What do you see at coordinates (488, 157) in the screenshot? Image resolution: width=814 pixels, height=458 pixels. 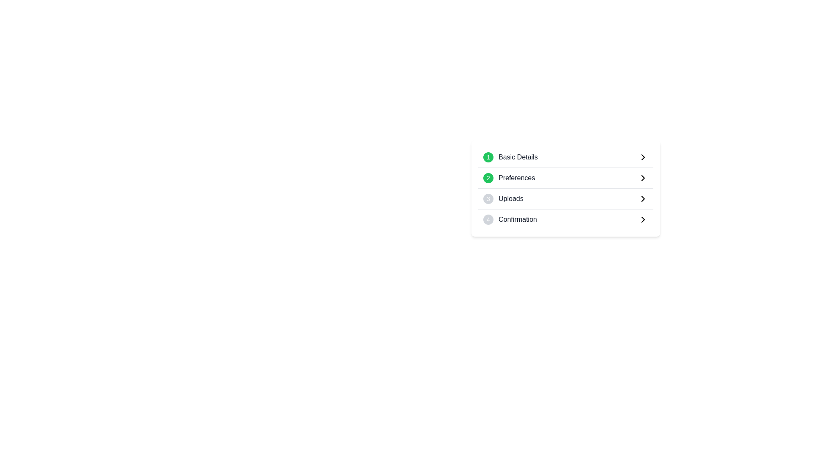 I see `the circular indicator with a green background and the white number '1' at its center, located to the left of the 'Basic Details' text` at bounding box center [488, 157].